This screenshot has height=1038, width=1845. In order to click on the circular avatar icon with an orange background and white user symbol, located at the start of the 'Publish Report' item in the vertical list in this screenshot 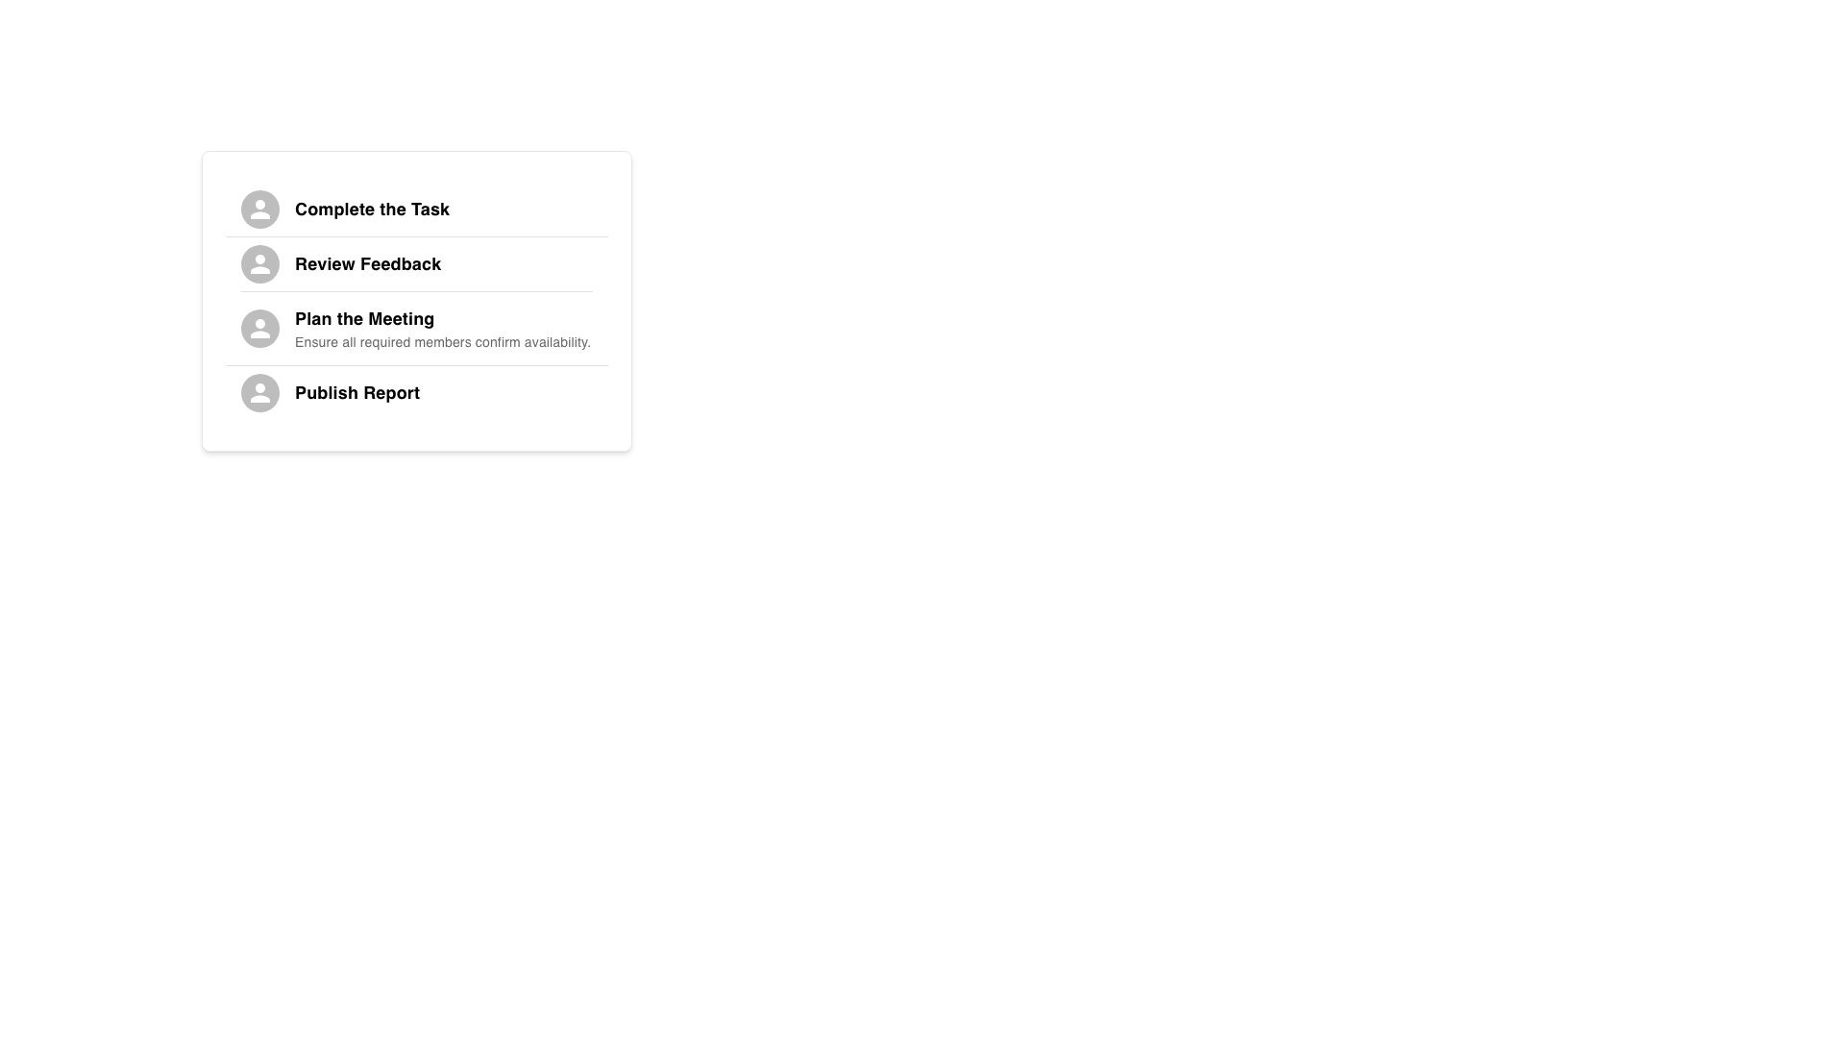, I will do `click(258, 391)`.